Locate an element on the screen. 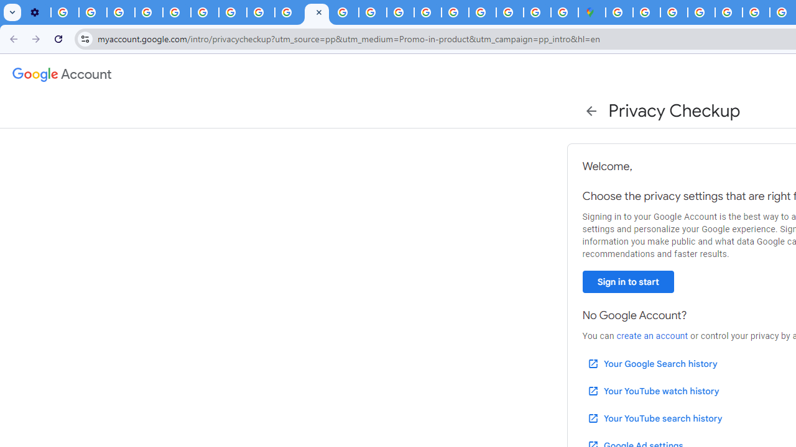 Image resolution: width=796 pixels, height=447 pixels. 'Settings - Customize profile' is located at coordinates (37, 12).